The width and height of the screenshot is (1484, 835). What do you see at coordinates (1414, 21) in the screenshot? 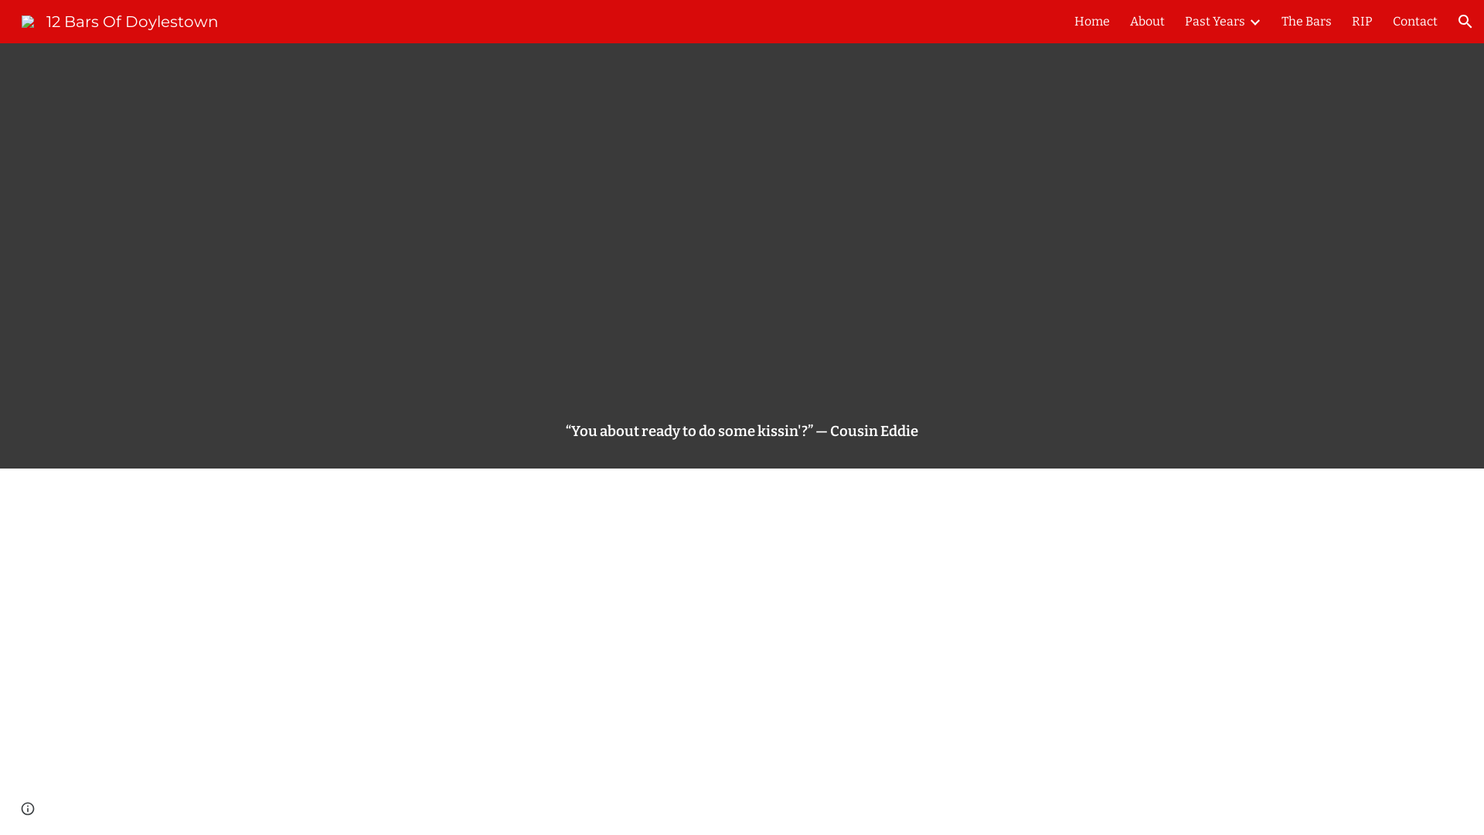
I see `'Contact'` at bounding box center [1414, 21].